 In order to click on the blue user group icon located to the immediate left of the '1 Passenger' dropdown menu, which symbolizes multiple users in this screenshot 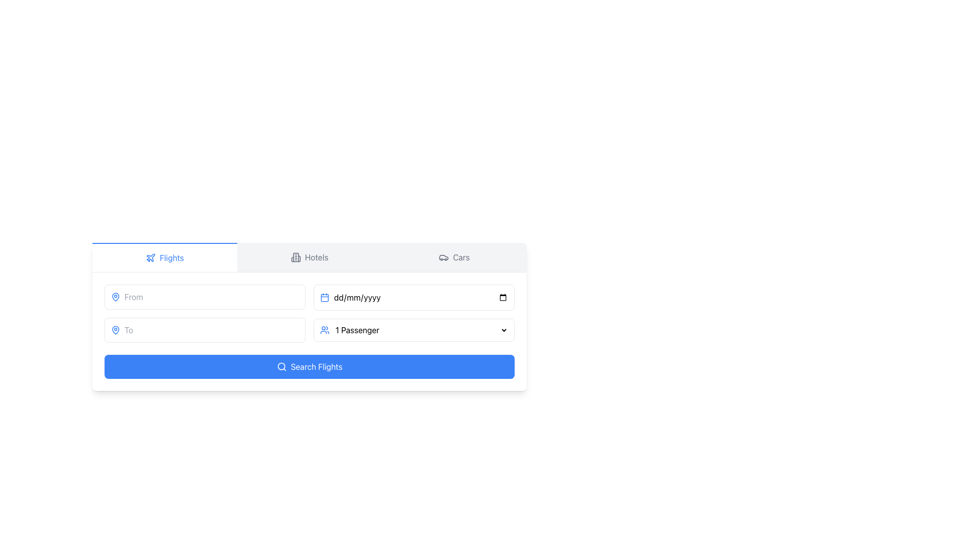, I will do `click(325, 330)`.